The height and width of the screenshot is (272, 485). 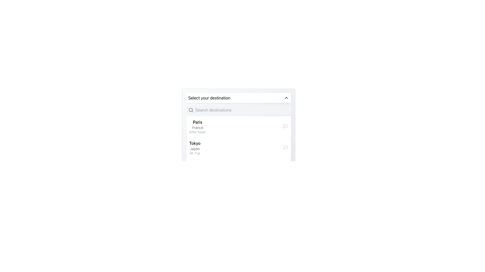 What do you see at coordinates (209, 98) in the screenshot?
I see `the Text Label that indicates the purpose of the dropdown selector, which is positioned left of an arrow icon at the top section of the dropdown` at bounding box center [209, 98].